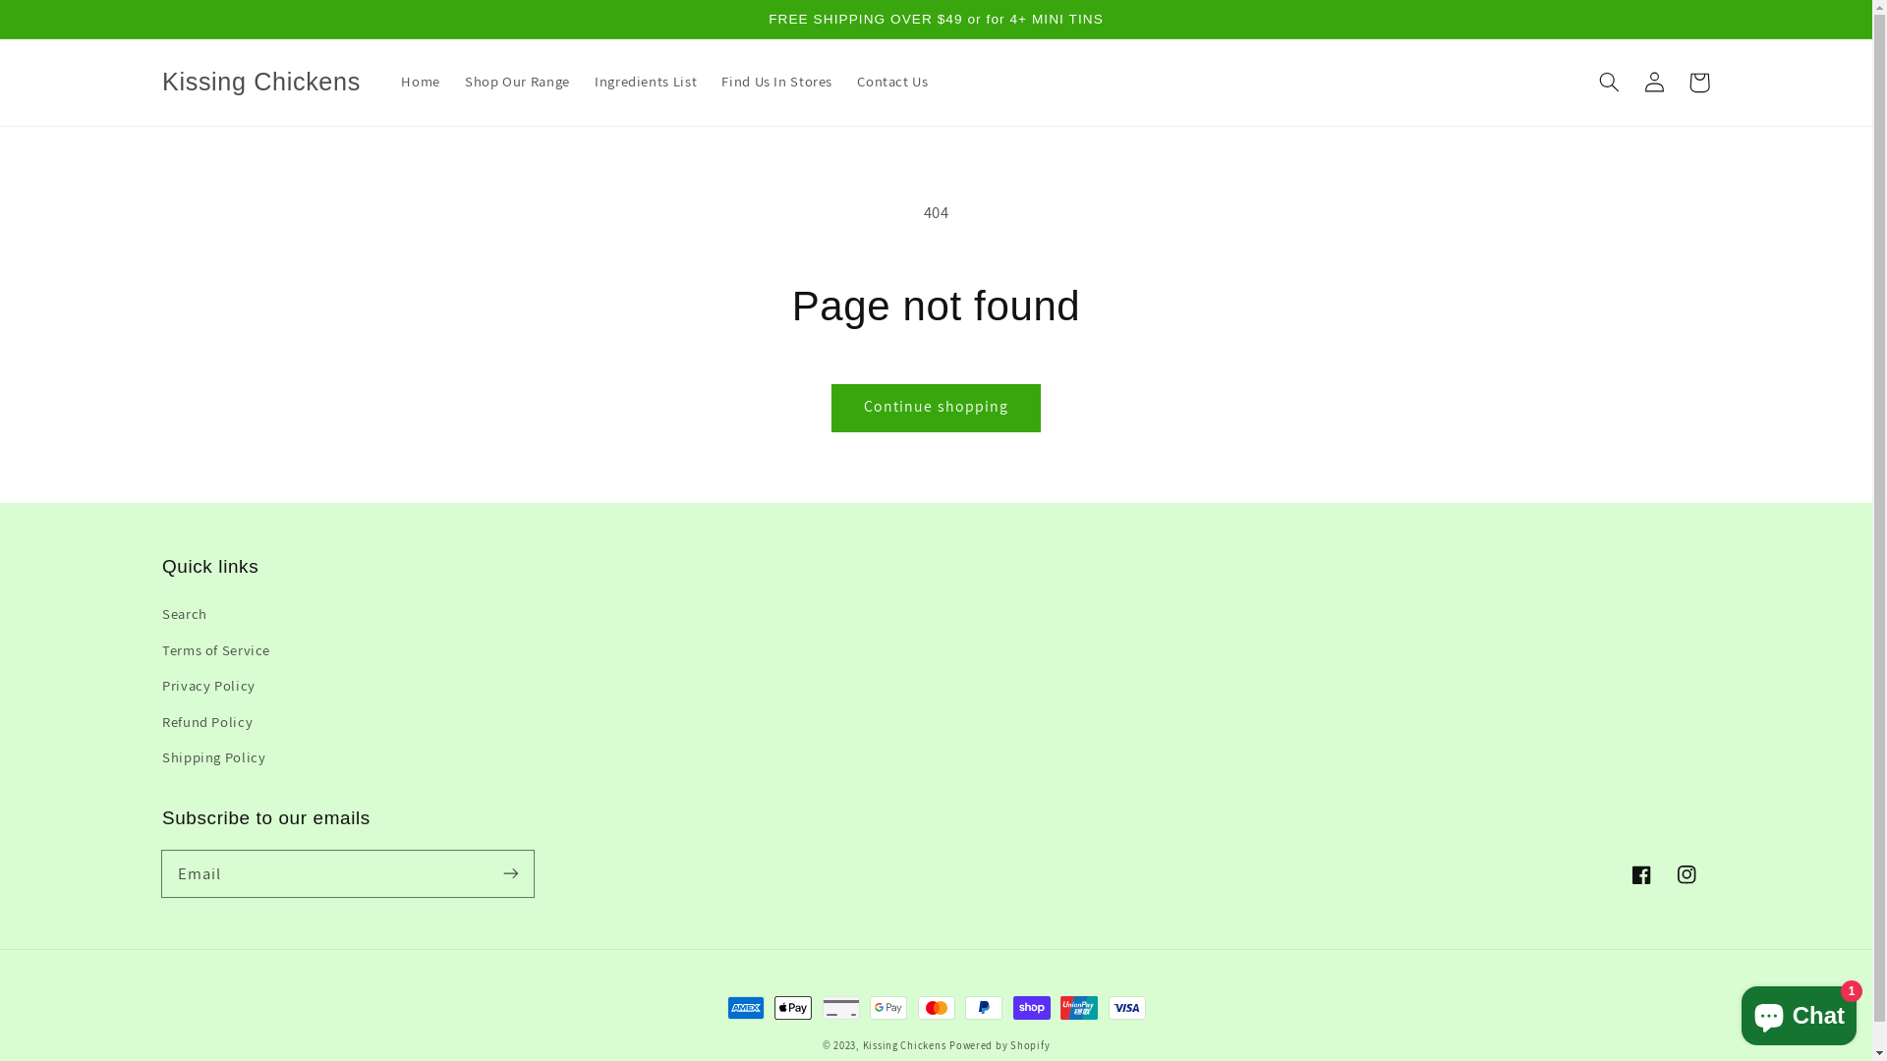 Image resolution: width=1887 pixels, height=1061 pixels. Describe the element at coordinates (388, 82) in the screenshot. I see `'Home'` at that location.